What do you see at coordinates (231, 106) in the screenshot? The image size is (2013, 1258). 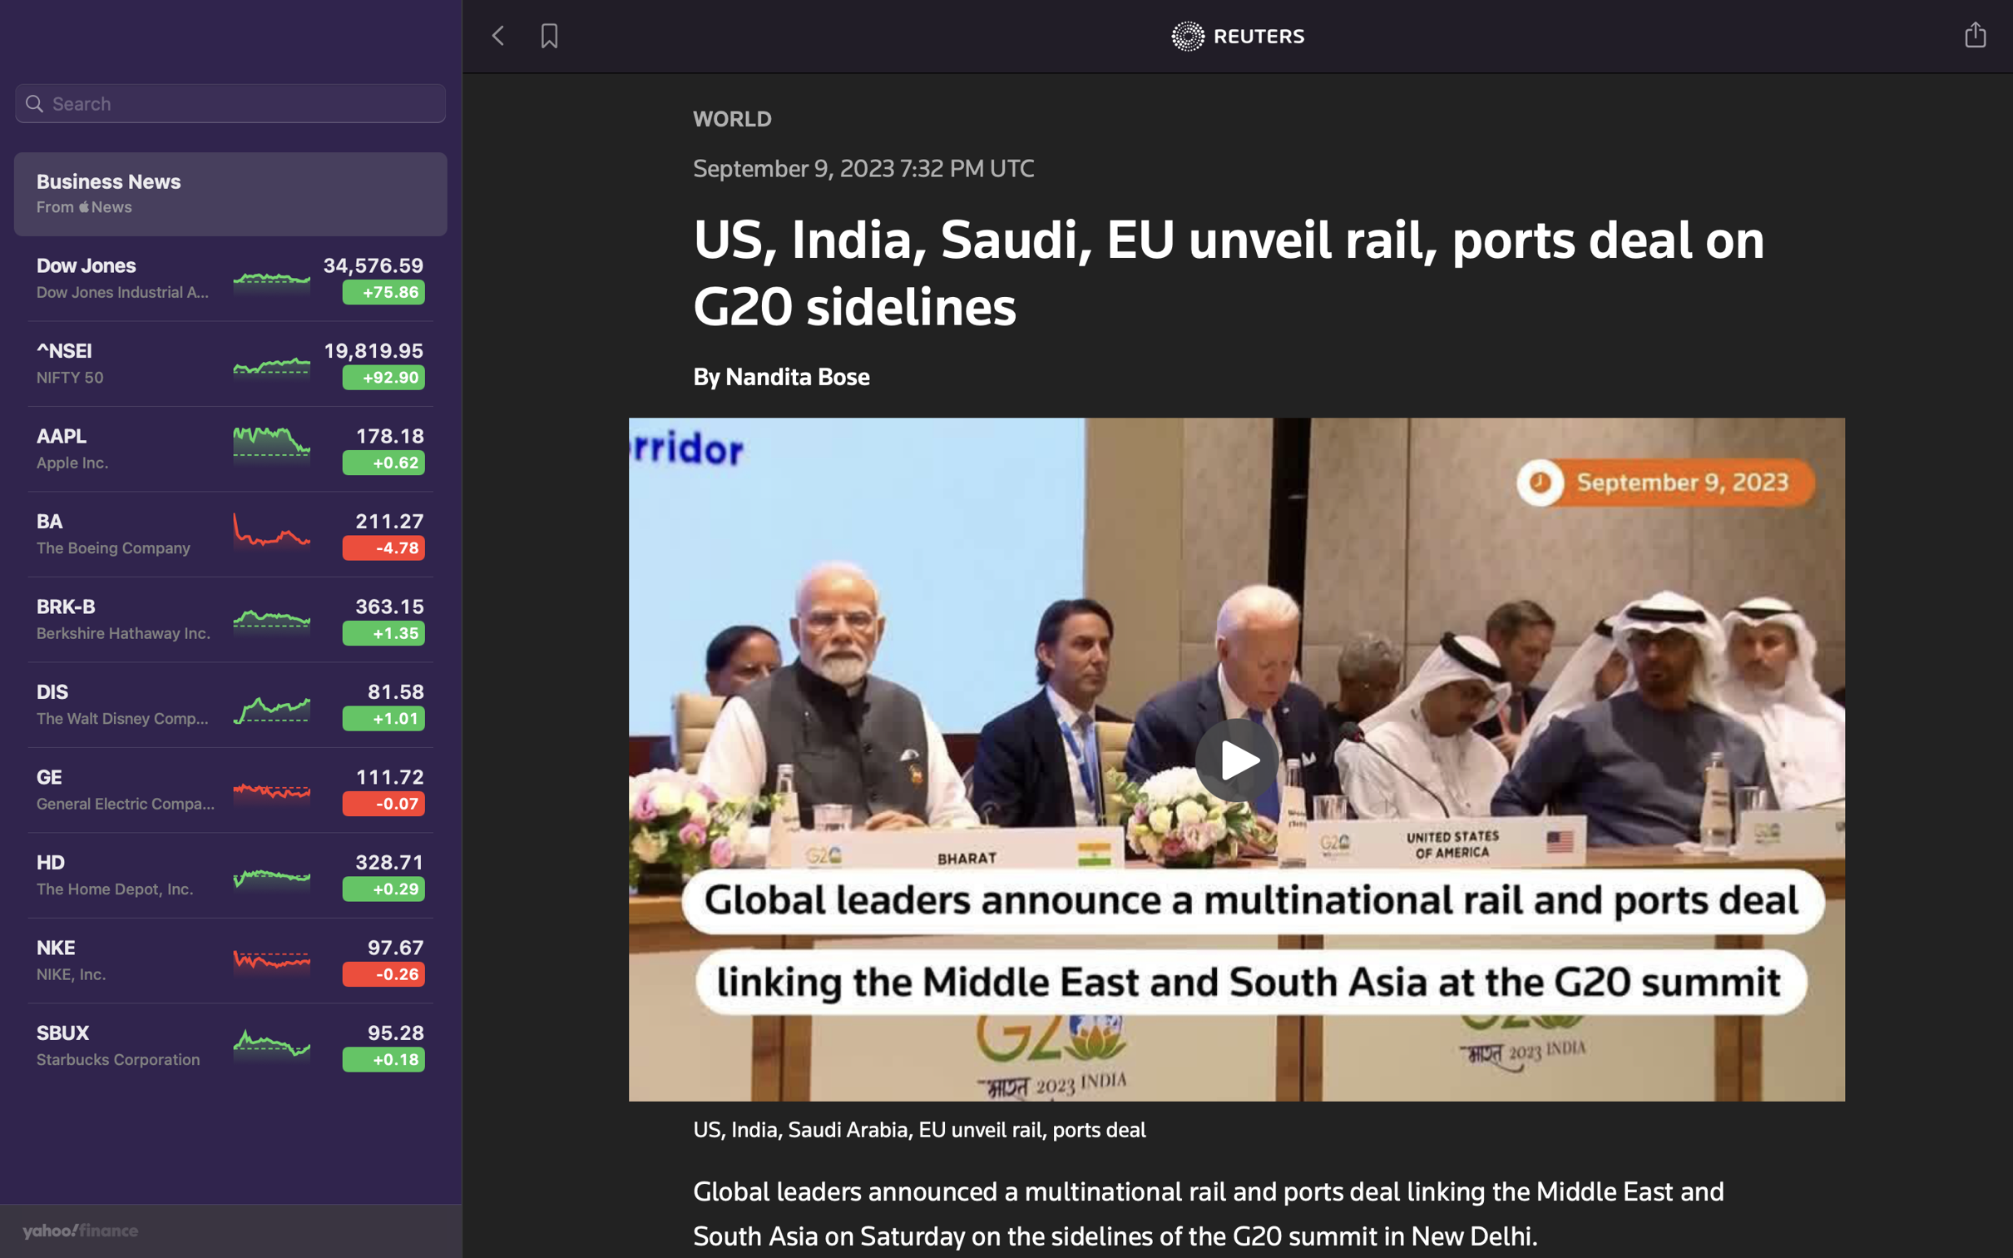 I see `news articles associated with General Electric` at bounding box center [231, 106].